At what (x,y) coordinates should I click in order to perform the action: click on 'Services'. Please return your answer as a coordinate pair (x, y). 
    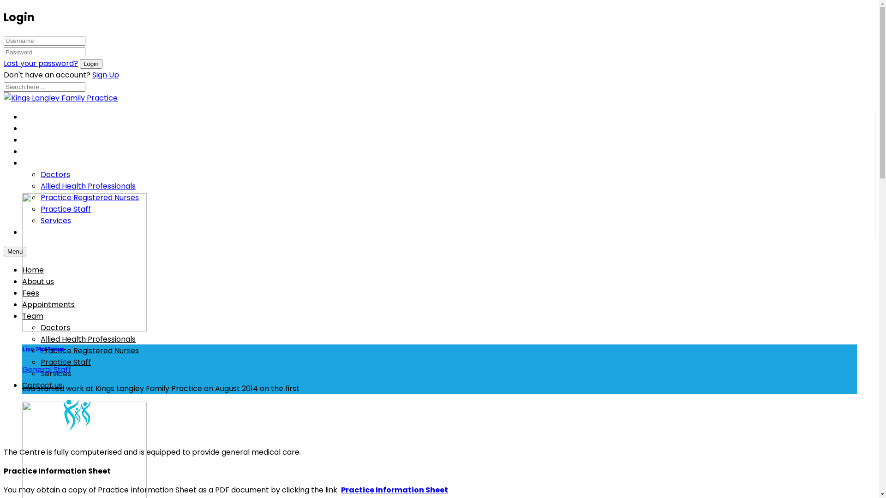
    Looking at the image, I should click on (40, 220).